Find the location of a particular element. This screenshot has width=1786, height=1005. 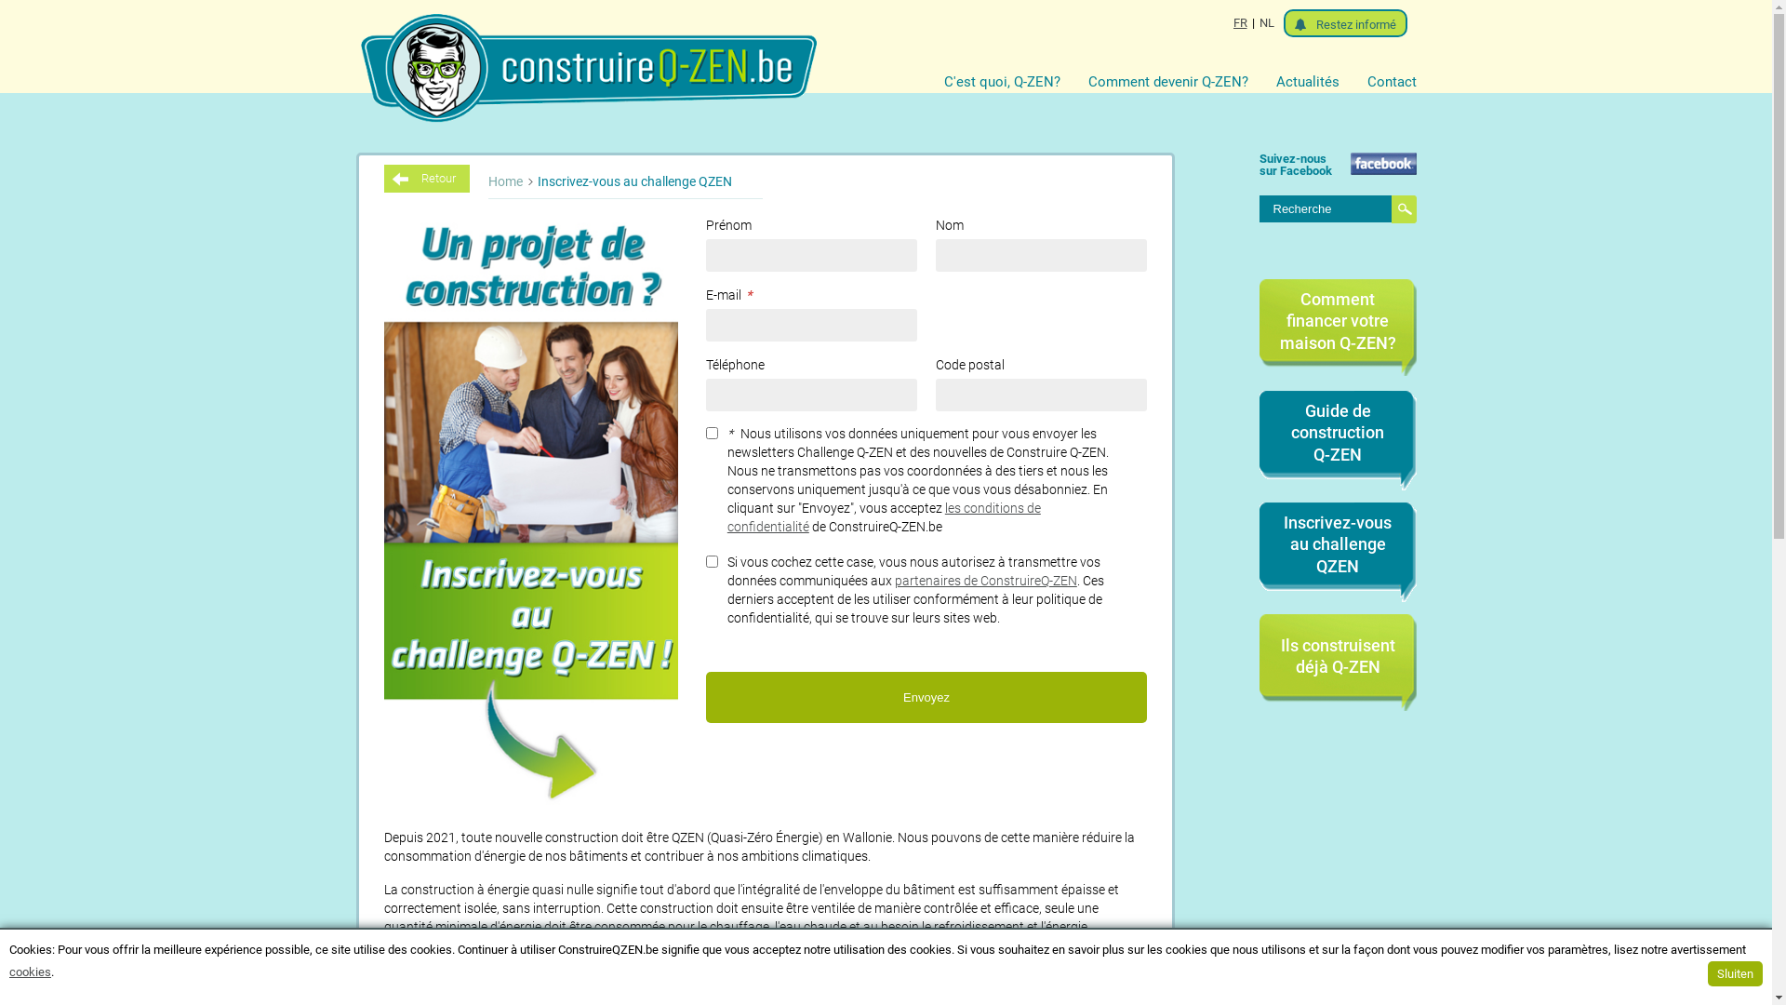

'partenaires de ConstruireQ-ZEN' is located at coordinates (985, 580).